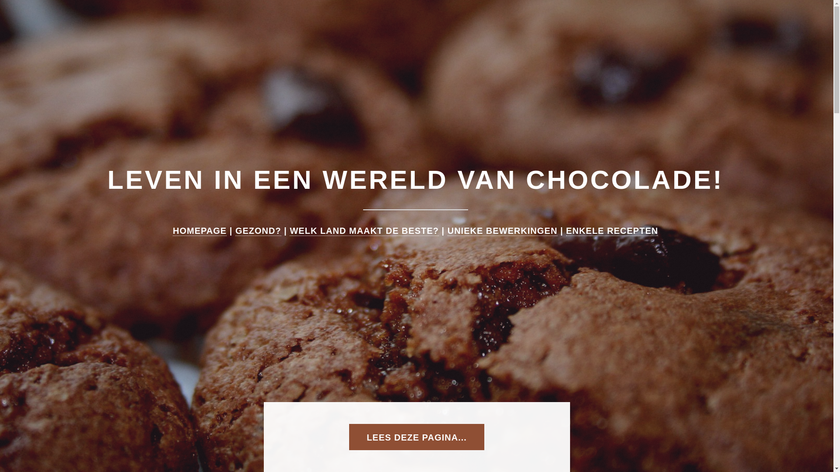 Image resolution: width=840 pixels, height=472 pixels. Describe the element at coordinates (566, 230) in the screenshot. I see `'ENKELE RECEPTEN'` at that location.